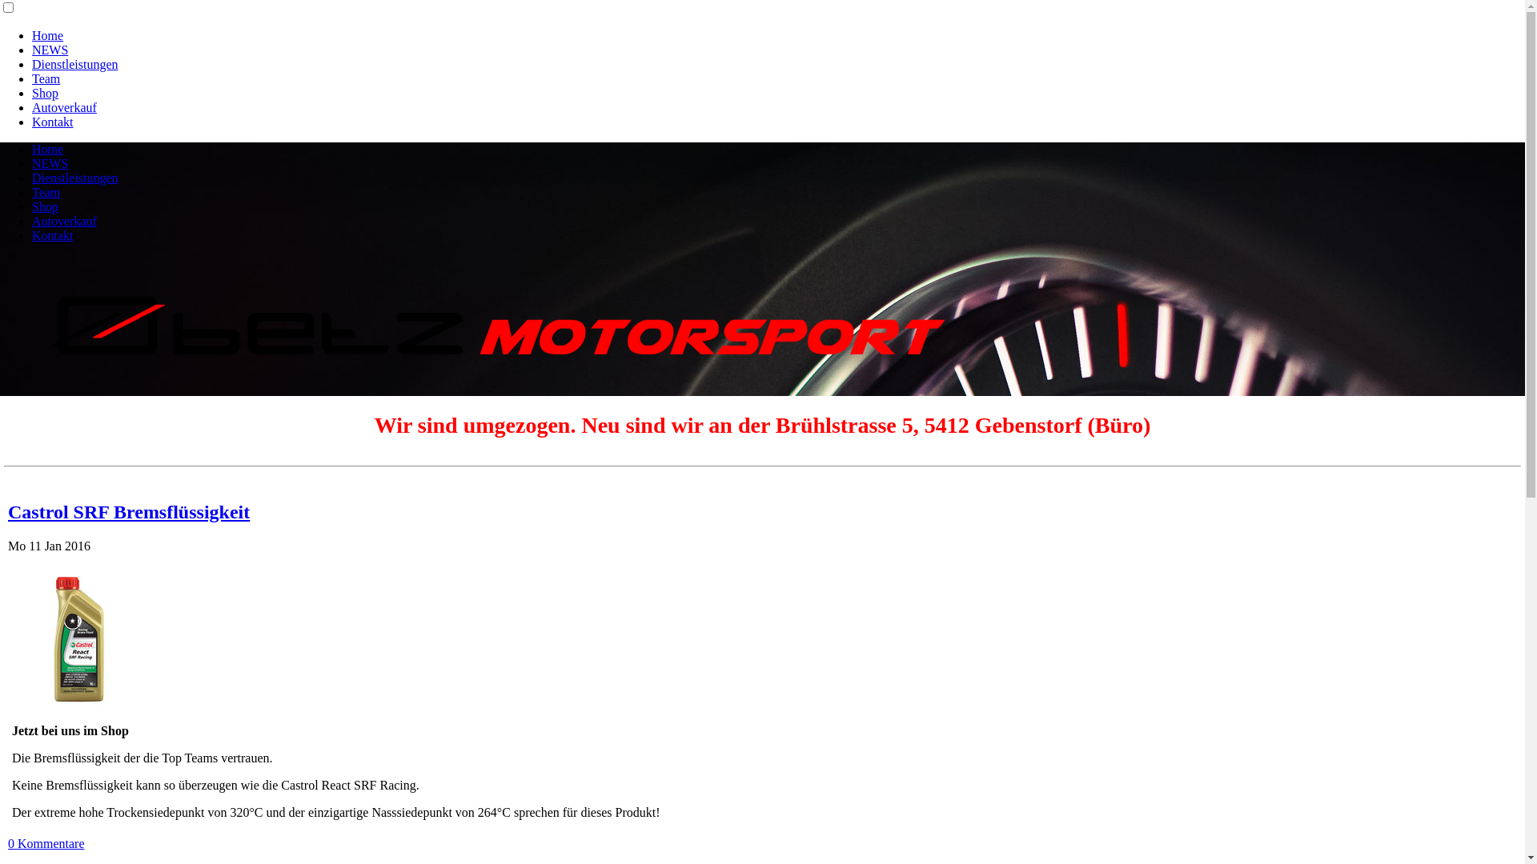 The width and height of the screenshot is (1537, 864). Describe the element at coordinates (50, 163) in the screenshot. I see `'NEWS'` at that location.